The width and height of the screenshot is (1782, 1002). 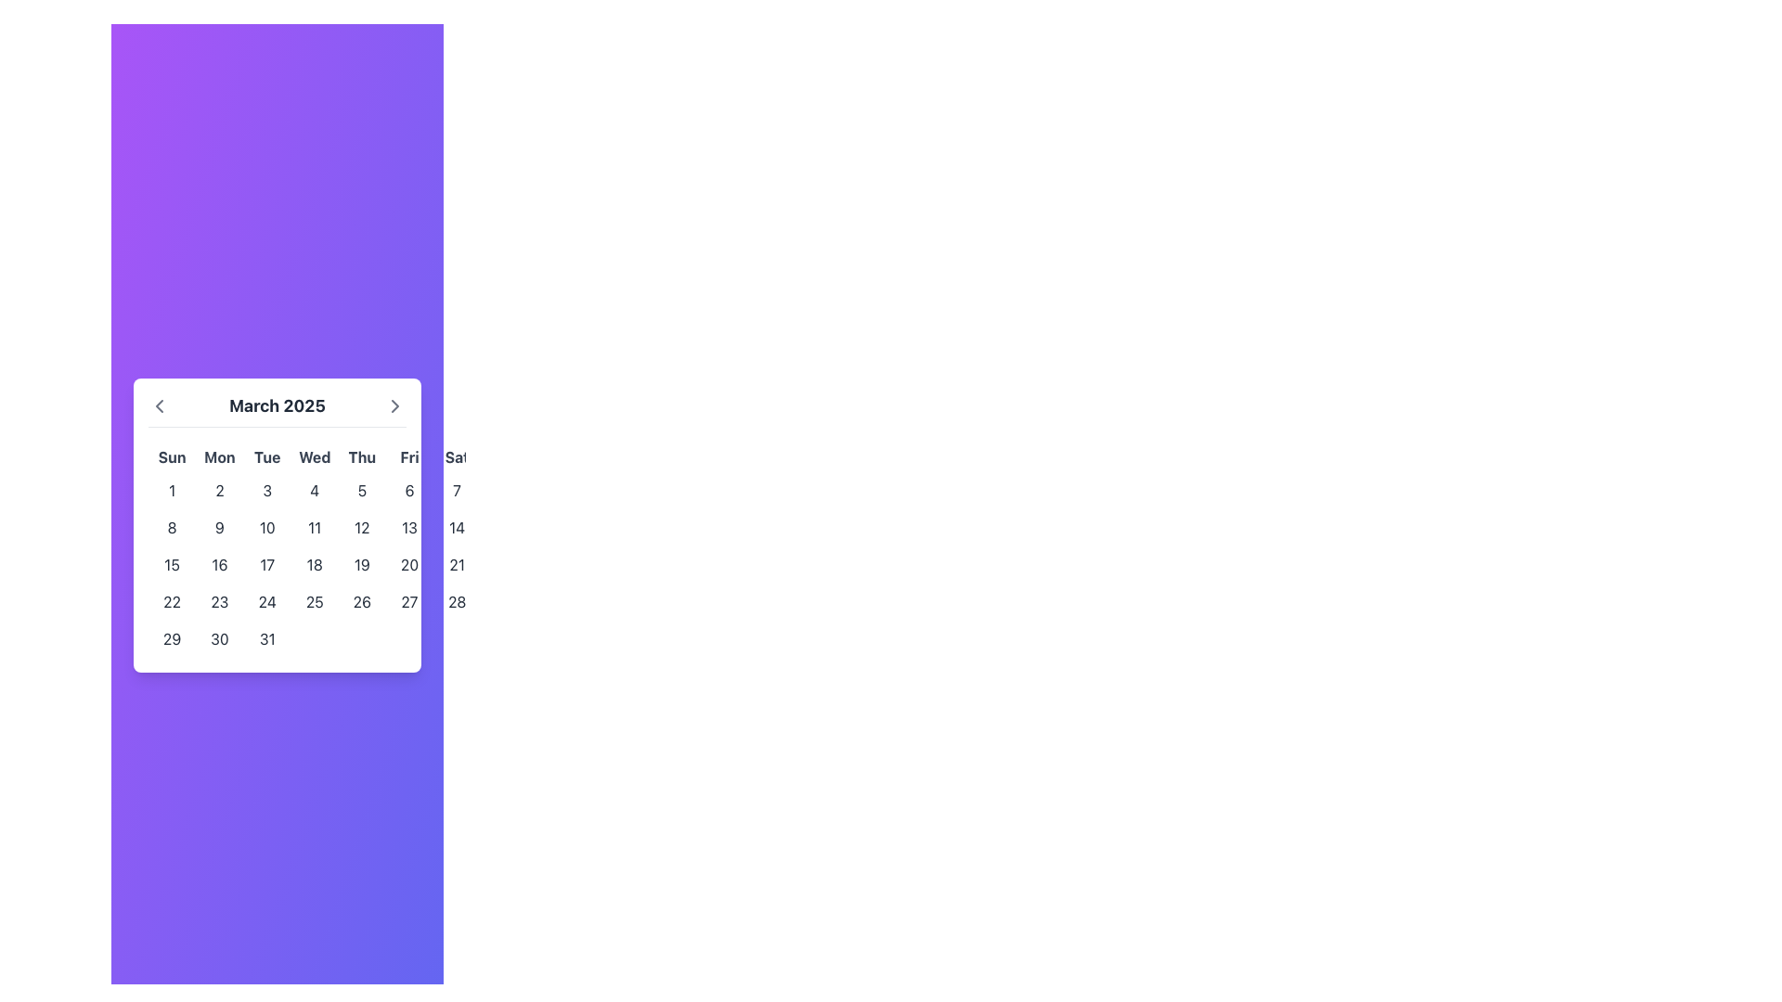 I want to click on the text label displaying 'Mon', which is part of a horizontal sequence of day abbreviations in the calendar widget, so click(x=219, y=456).